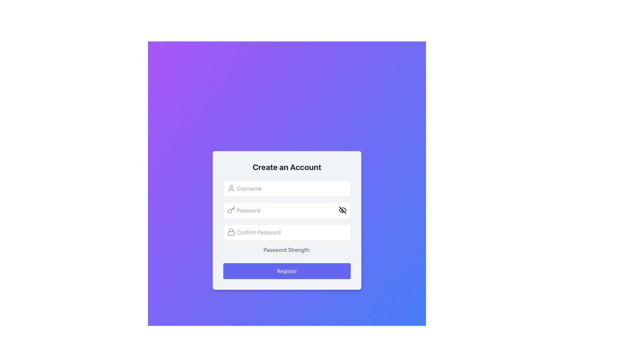 Image resolution: width=637 pixels, height=358 pixels. I want to click on the password visibility toggle icon located to the right of the password input field, which allows users, so click(342, 210).